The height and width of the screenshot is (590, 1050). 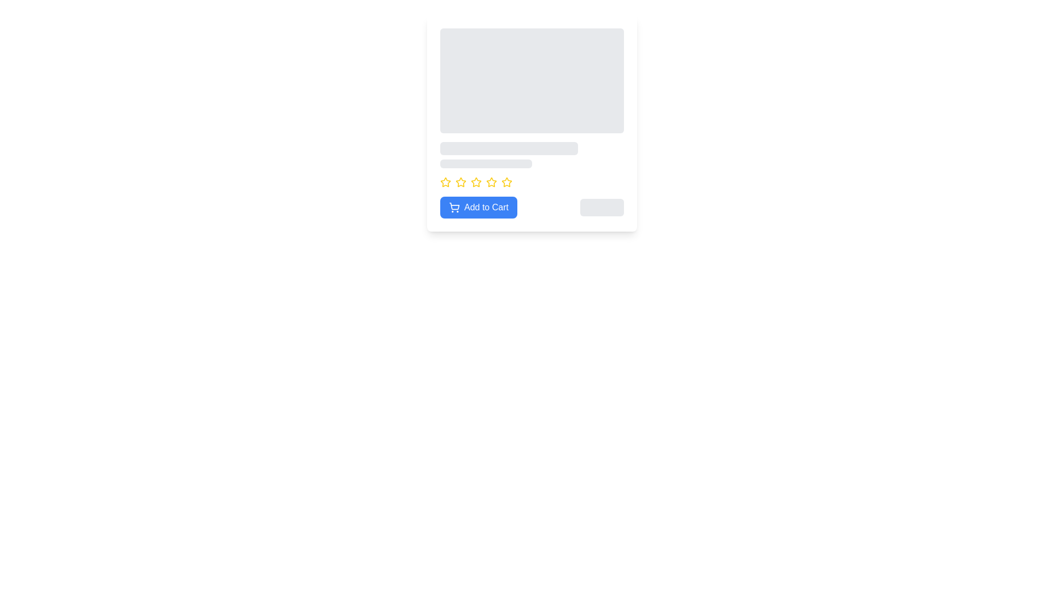 What do you see at coordinates (491, 182) in the screenshot?
I see `the sixth rating star icon` at bounding box center [491, 182].